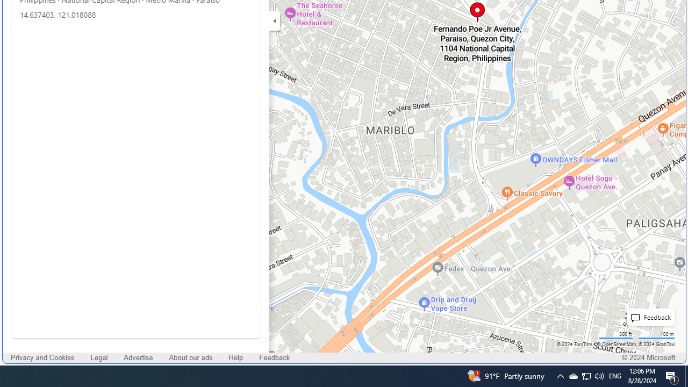 This screenshot has height=387, width=688. What do you see at coordinates (42, 358) in the screenshot?
I see `'Privacy and Cookies'` at bounding box center [42, 358].